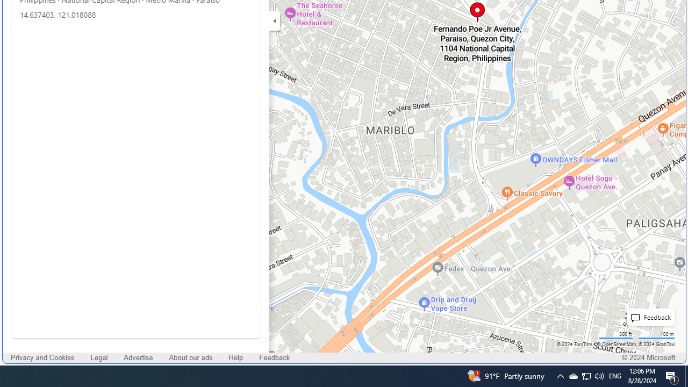 This screenshot has height=387, width=688. What do you see at coordinates (42, 358) in the screenshot?
I see `'Privacy and Cookies'` at bounding box center [42, 358].